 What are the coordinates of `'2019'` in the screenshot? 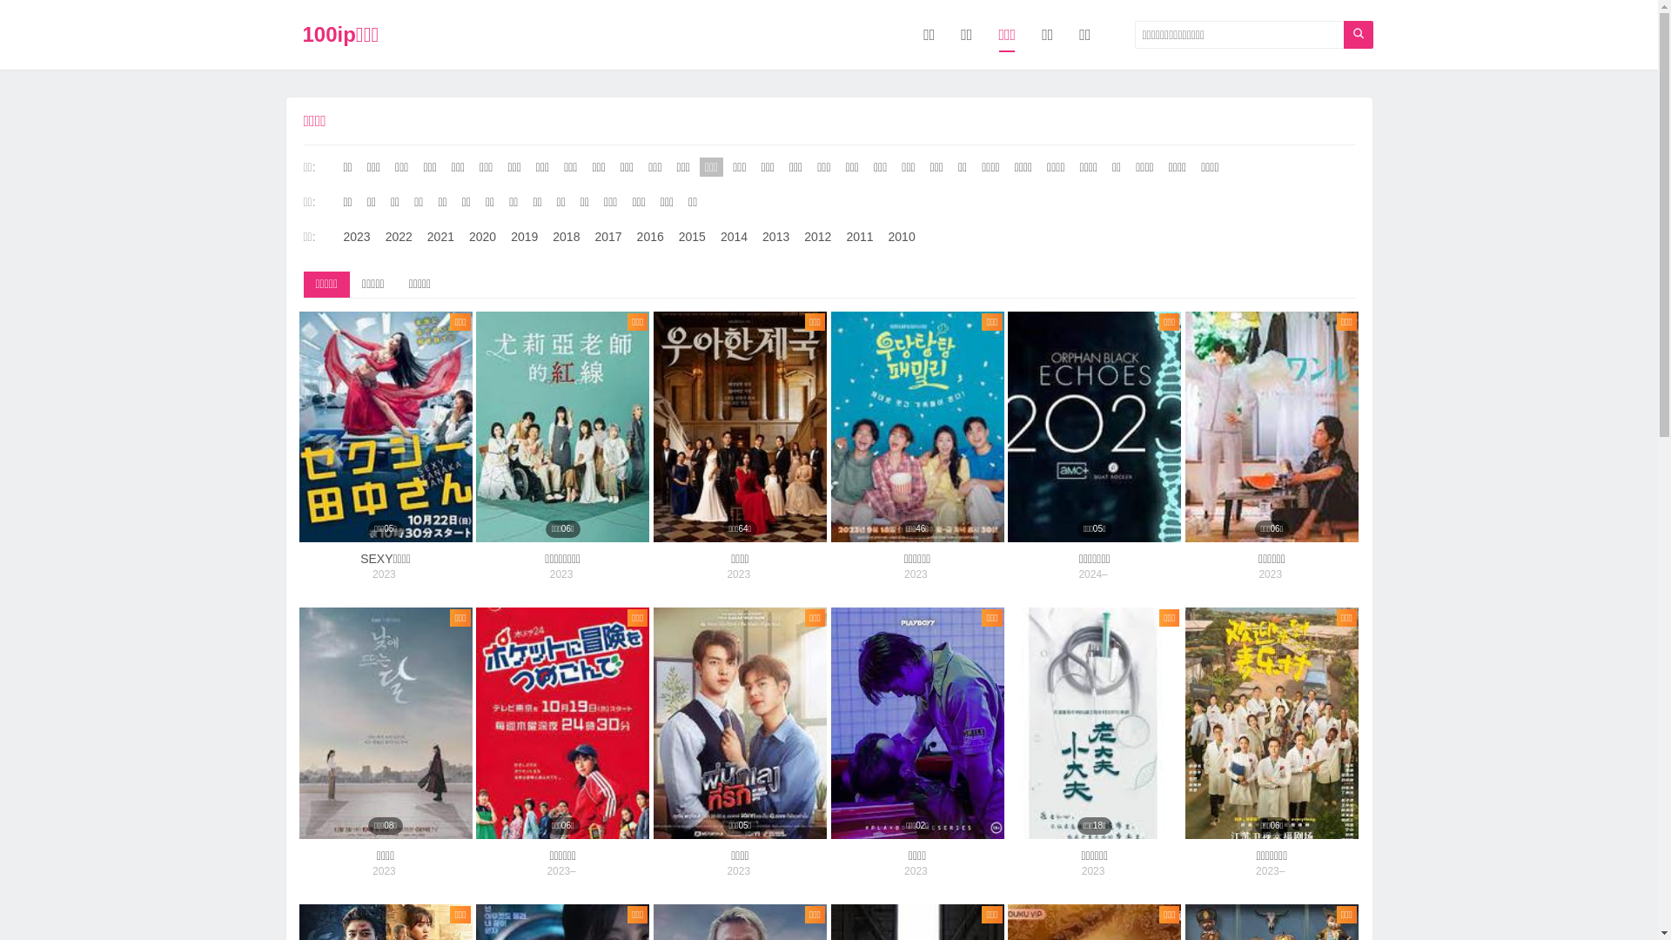 It's located at (504, 237).